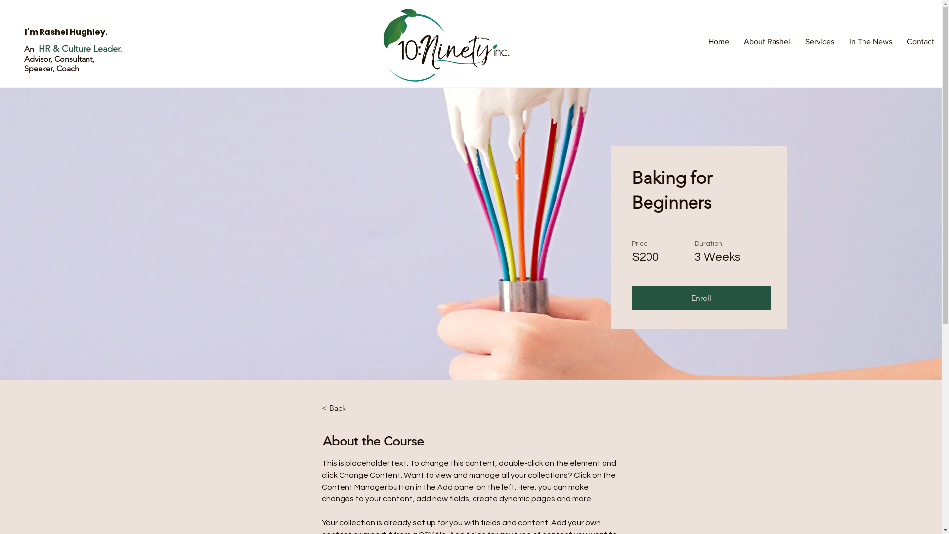 The height and width of the screenshot is (534, 949). Describe the element at coordinates (348, 408) in the screenshot. I see `'< Back'` at that location.